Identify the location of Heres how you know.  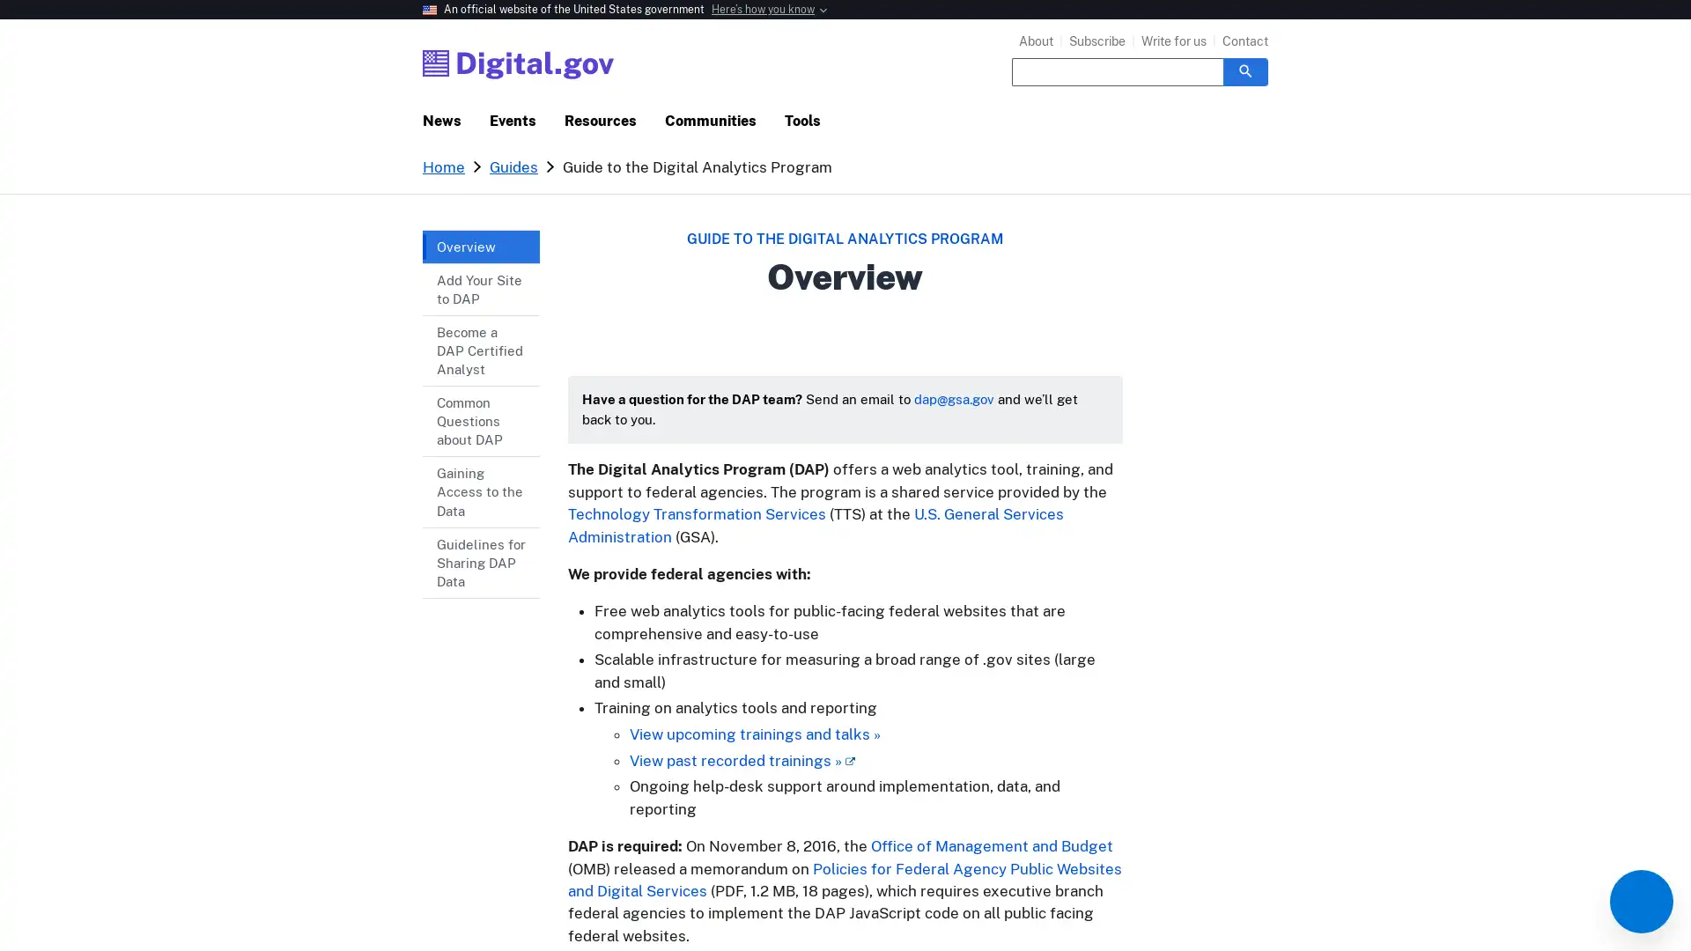
(763, 10).